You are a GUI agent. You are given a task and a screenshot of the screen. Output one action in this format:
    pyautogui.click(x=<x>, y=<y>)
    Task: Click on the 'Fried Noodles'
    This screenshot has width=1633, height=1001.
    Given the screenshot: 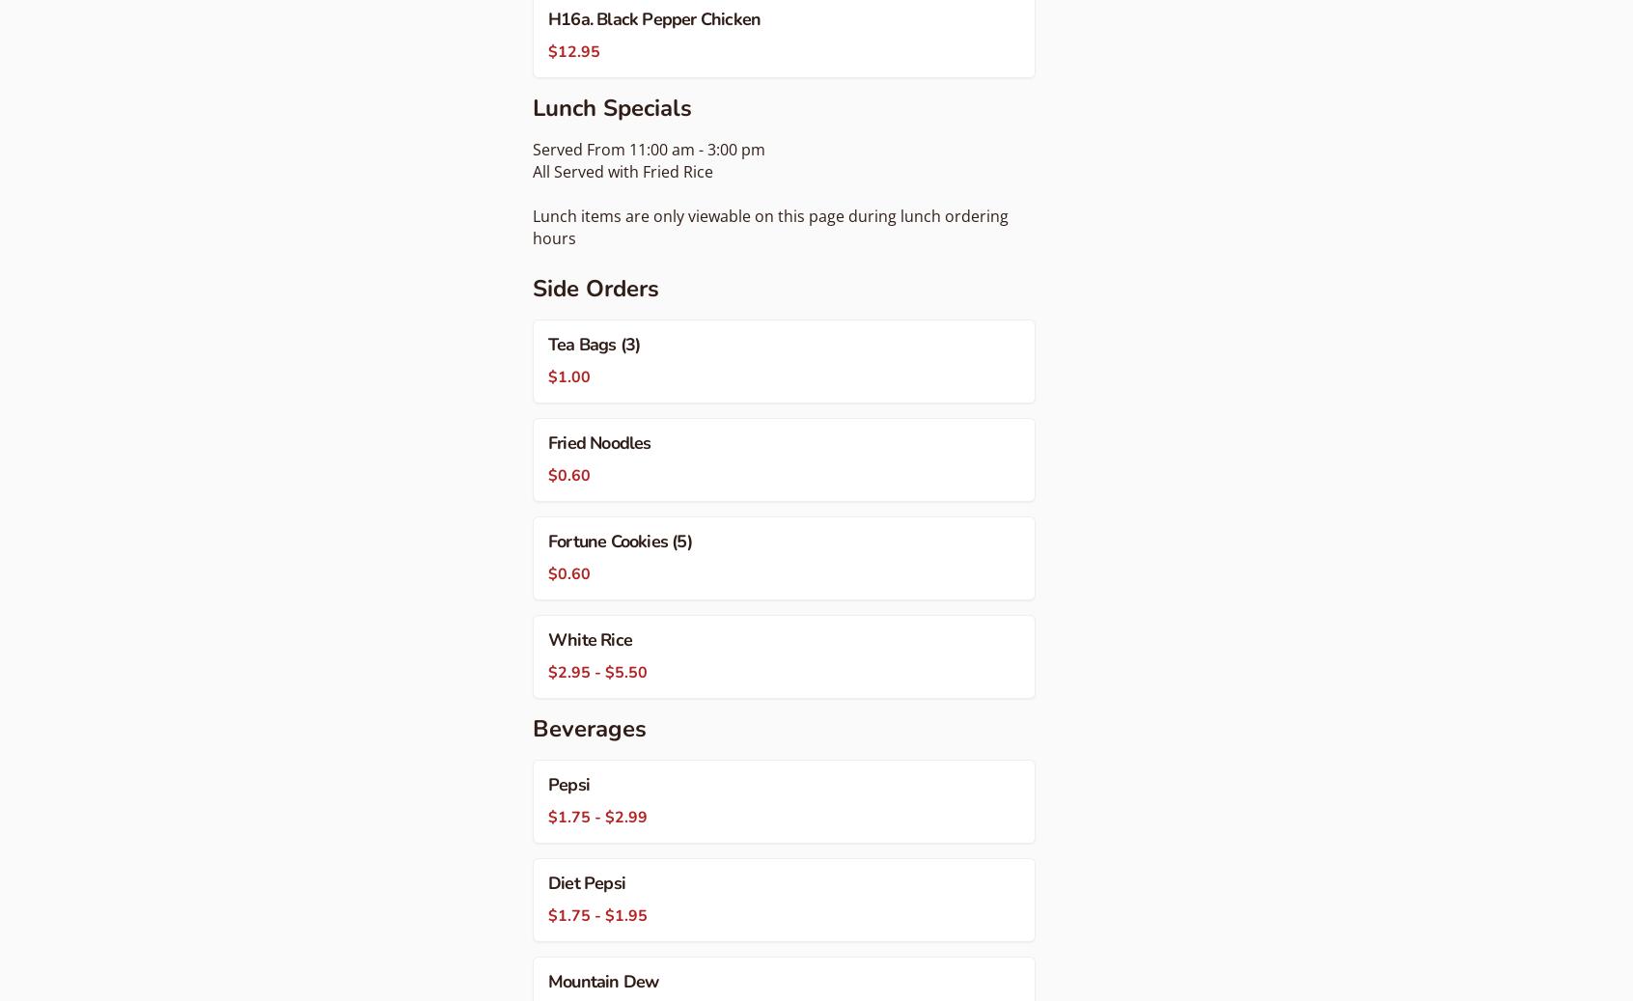 What is the action you would take?
    pyautogui.click(x=597, y=441)
    